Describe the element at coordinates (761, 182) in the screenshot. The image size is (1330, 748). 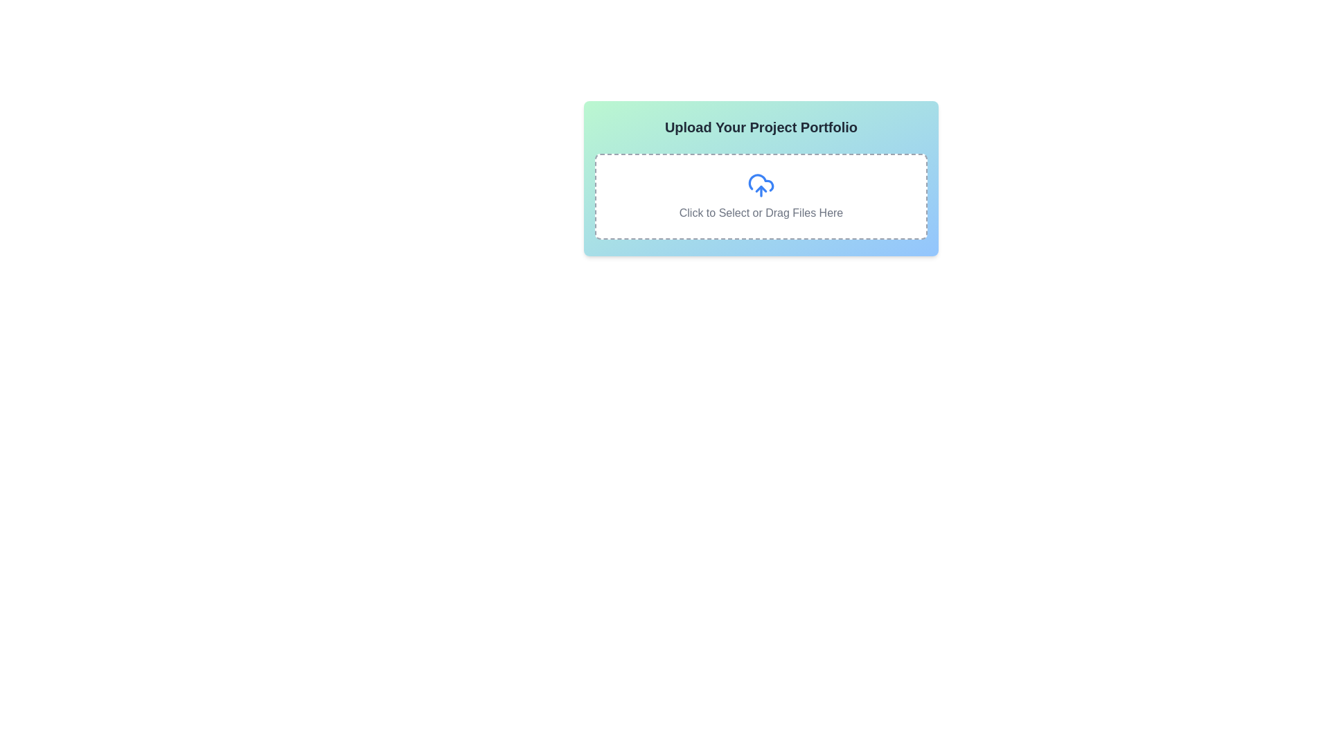
I see `the central vector graphic representing the file upload instruction within the cloud upload symbol` at that location.